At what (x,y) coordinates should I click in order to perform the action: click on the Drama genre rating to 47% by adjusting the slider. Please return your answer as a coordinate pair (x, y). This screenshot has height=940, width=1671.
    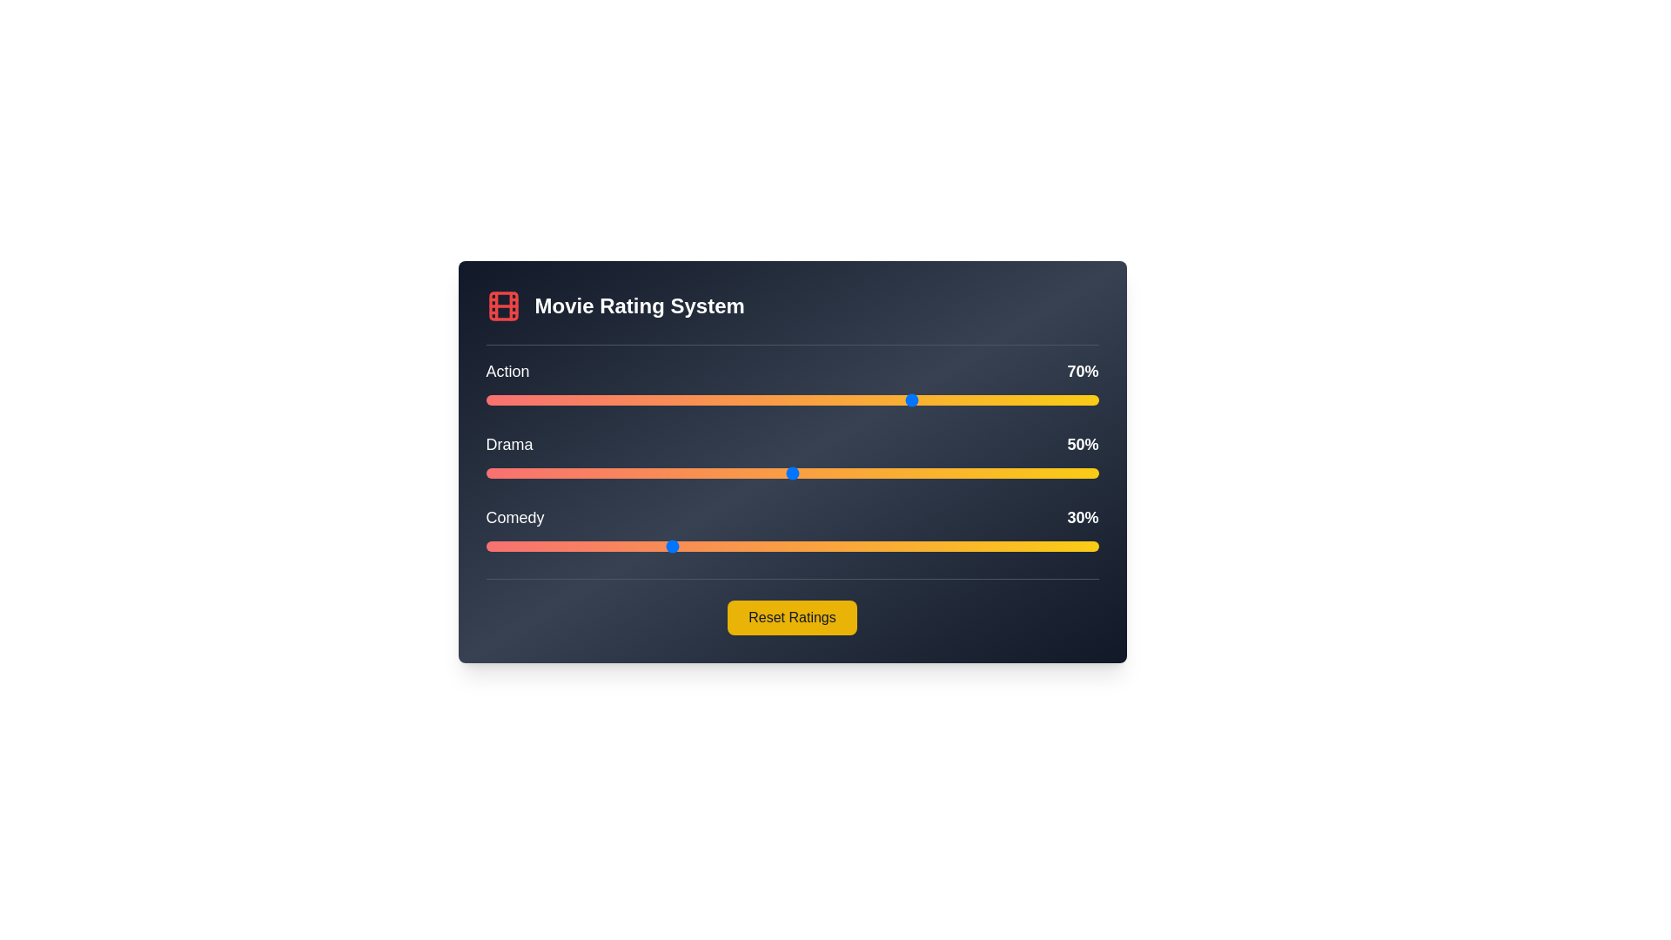
    Looking at the image, I should click on (773, 473).